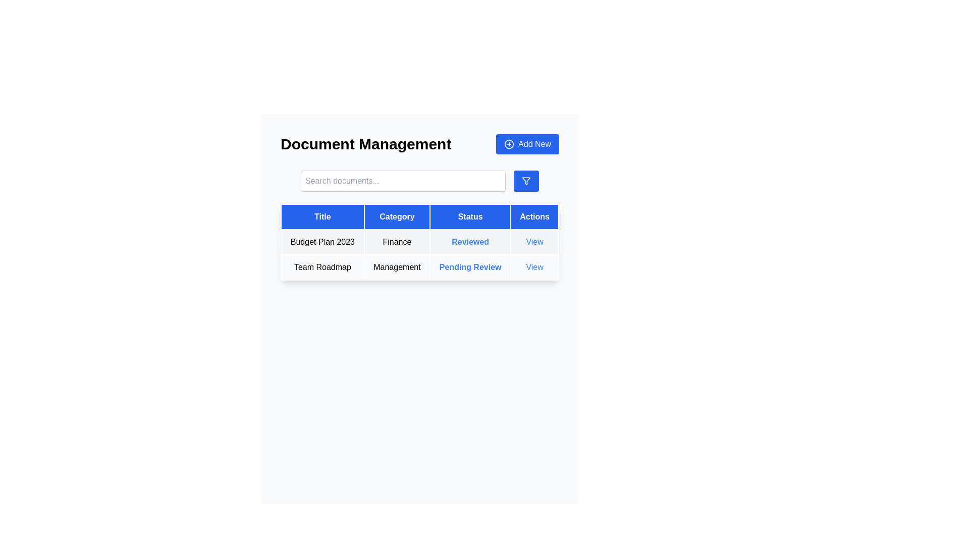  I want to click on the Text label that provides the category name for the 'Team Roadmap' row in the table, which is centrally aligned beneath the 'Category' column header, so click(397, 266).